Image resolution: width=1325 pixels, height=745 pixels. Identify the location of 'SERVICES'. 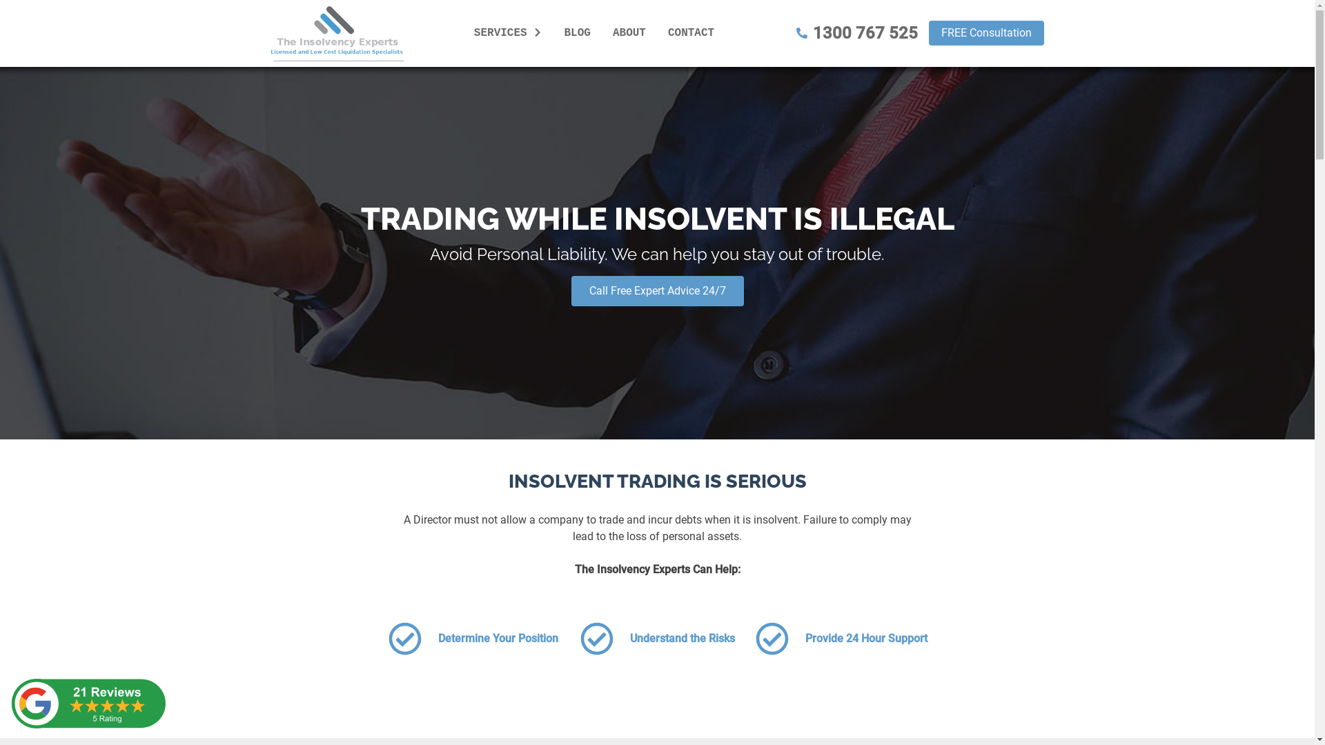
(507, 32).